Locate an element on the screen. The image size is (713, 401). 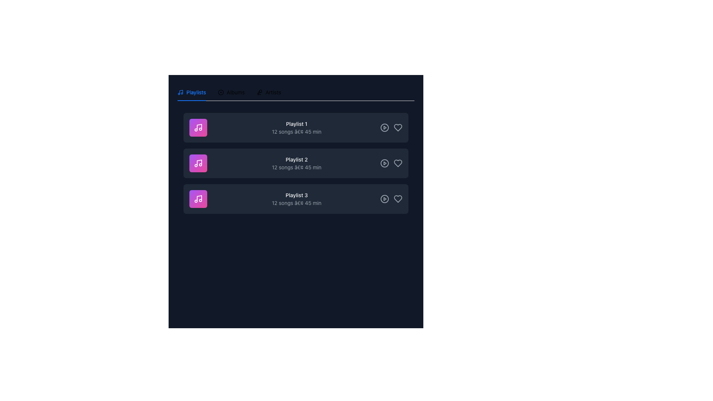
the central circle of the play button located to the right of the 'Playlist 1' title block is located at coordinates (385, 127).